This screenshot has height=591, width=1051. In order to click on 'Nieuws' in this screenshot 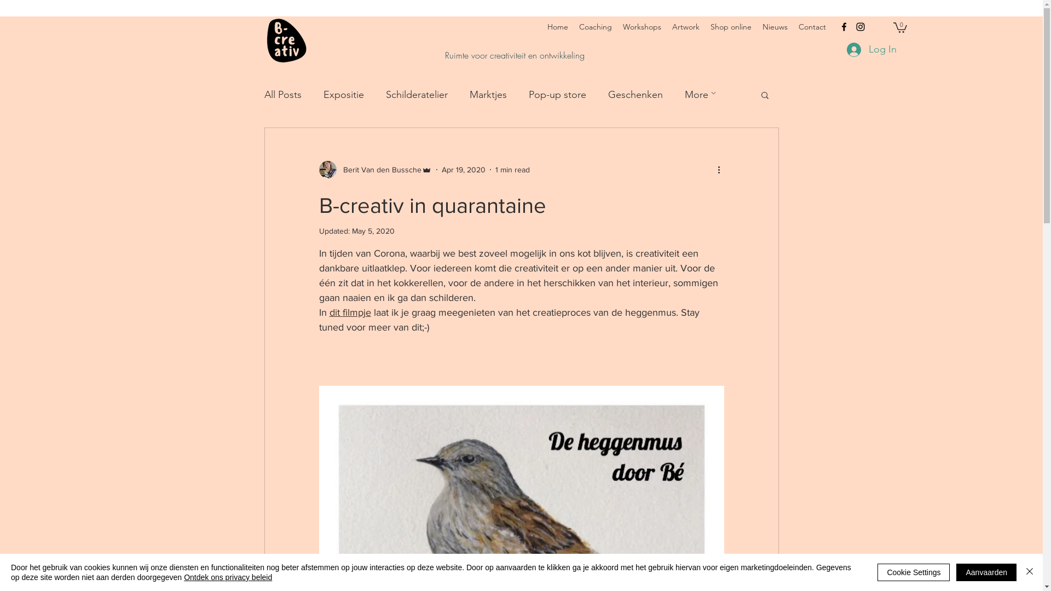, I will do `click(775, 26)`.